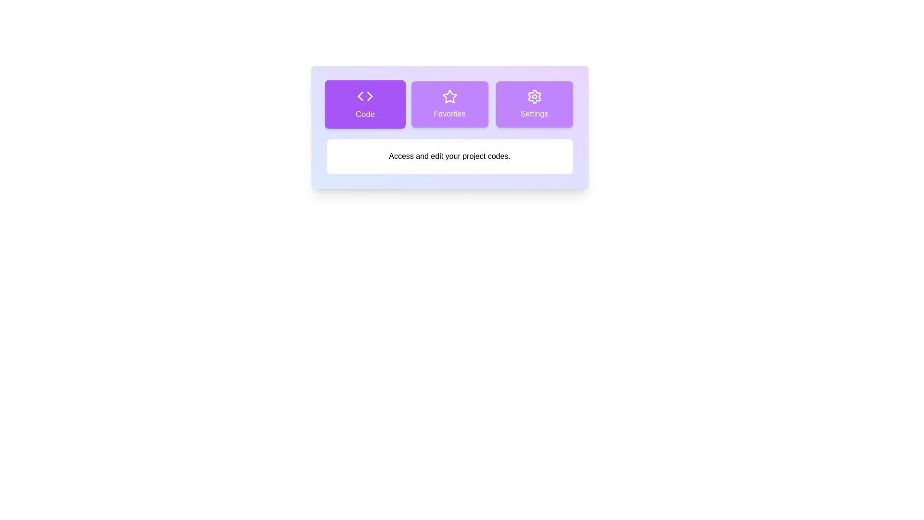  What do you see at coordinates (449, 96) in the screenshot?
I see `the 'Favorites' icon button, the second button from the left in a horizontal group` at bounding box center [449, 96].